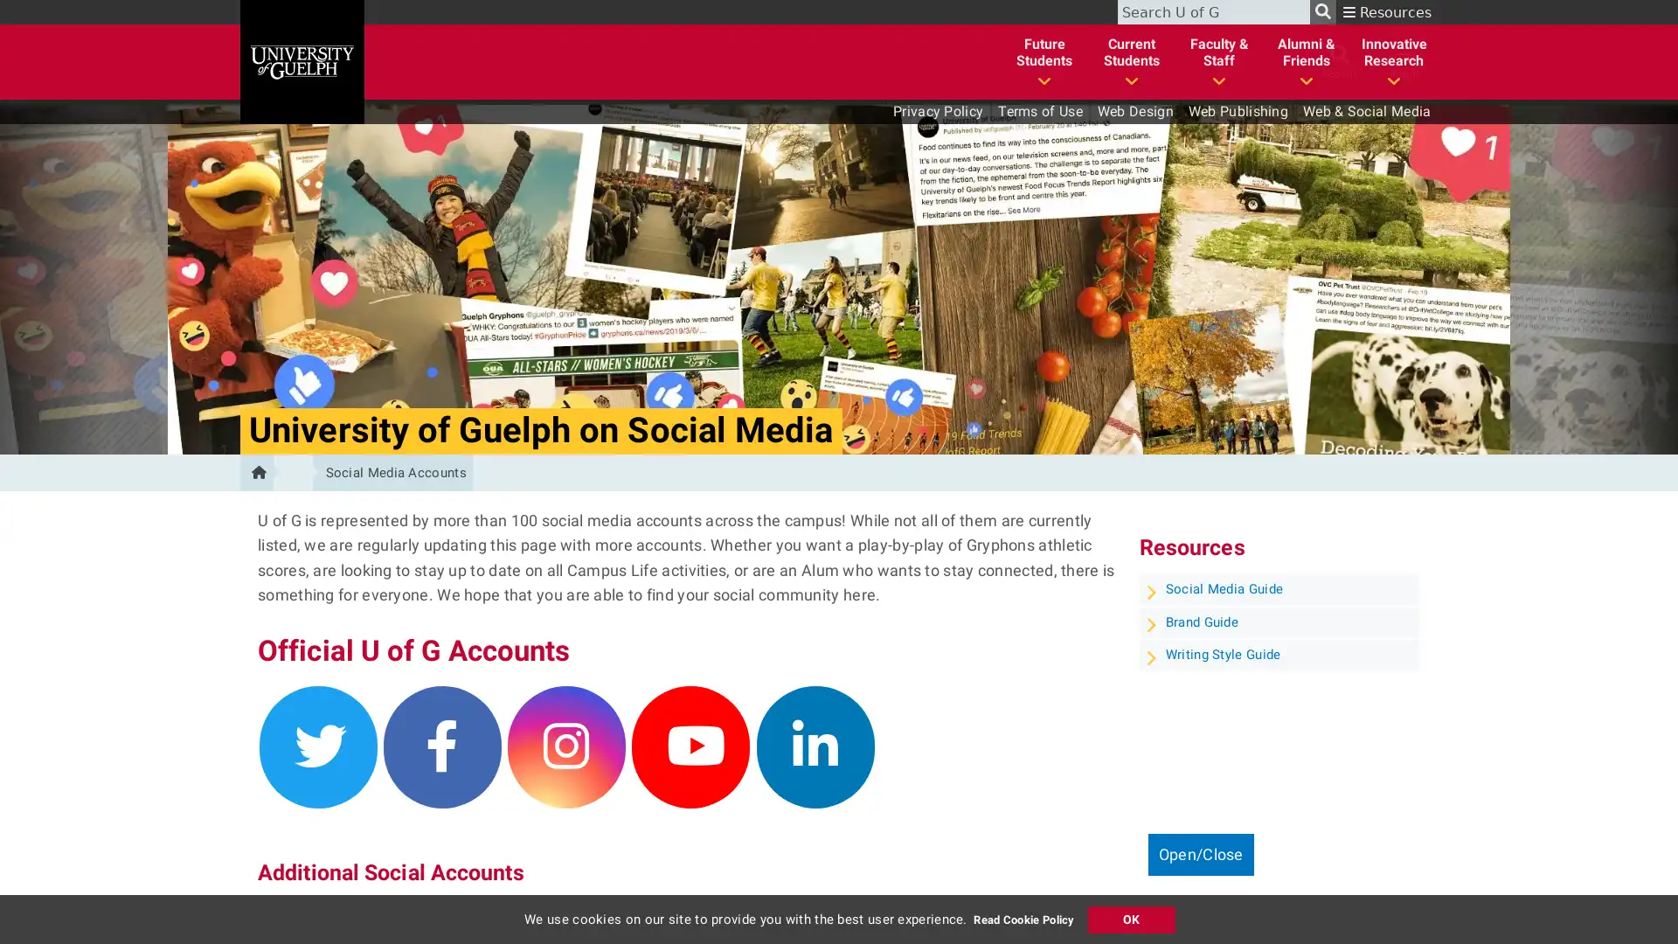 The image size is (1678, 944). What do you see at coordinates (1131, 918) in the screenshot?
I see `Accept Cookie` at bounding box center [1131, 918].